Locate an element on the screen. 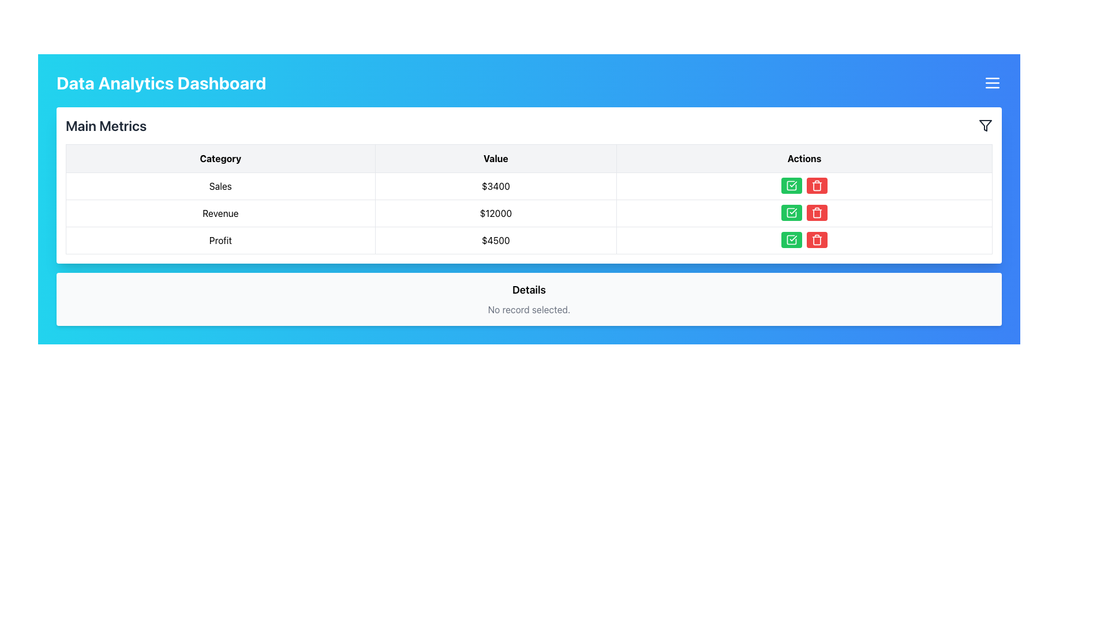  the text label reading 'Revenue' located in the second row and first column of the table under the 'Main Metrics' section is located at coordinates (220, 213).